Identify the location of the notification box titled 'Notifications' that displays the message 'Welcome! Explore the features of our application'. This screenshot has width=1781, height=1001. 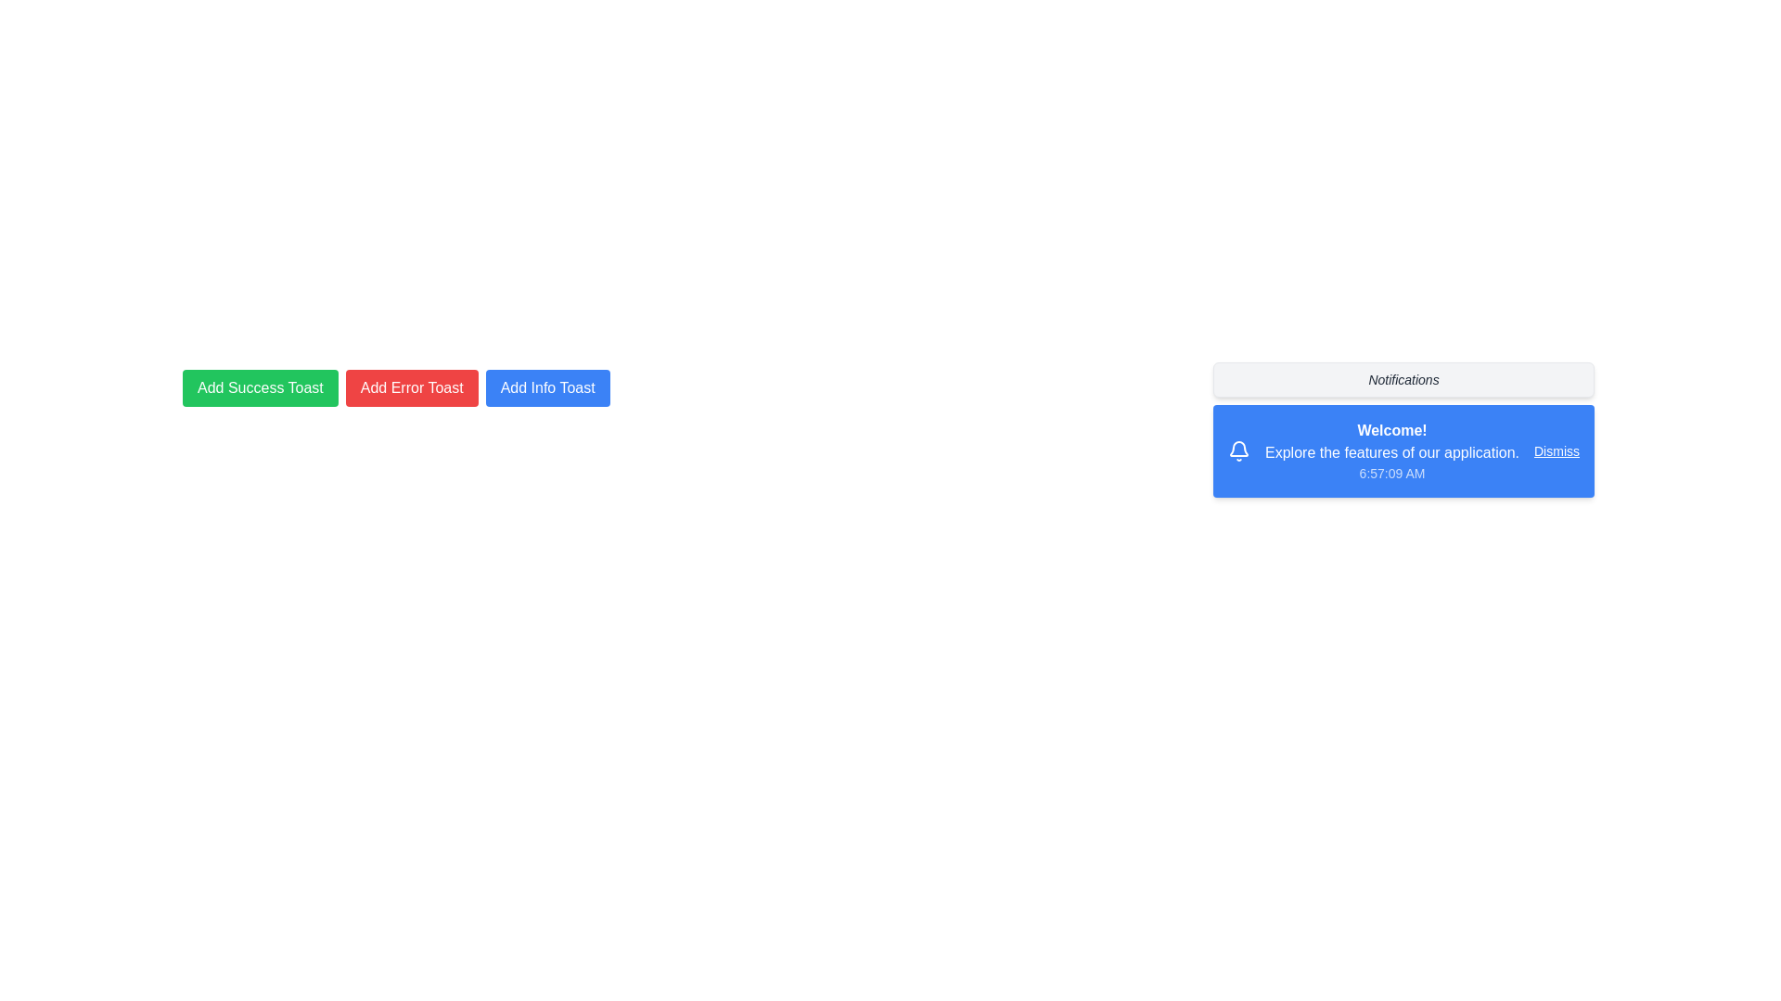
(1403, 429).